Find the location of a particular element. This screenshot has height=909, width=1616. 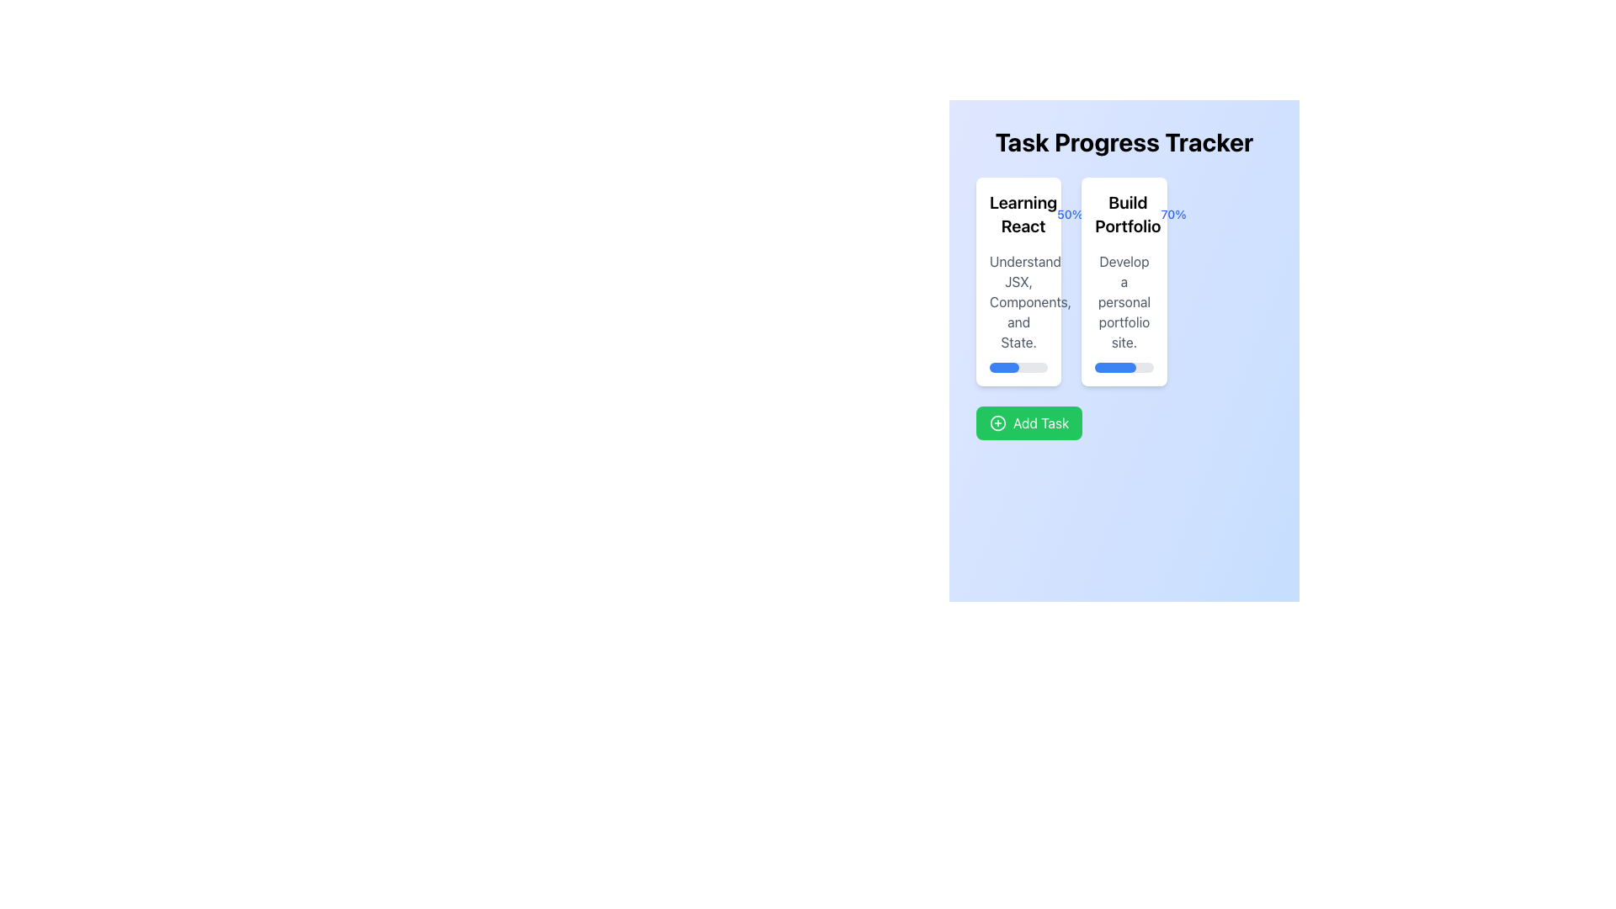

the progress indicated by the blue progress bar located at the bottom of the 'Build Portfolio' task card, which shows 70% completion is located at coordinates (1115, 366).